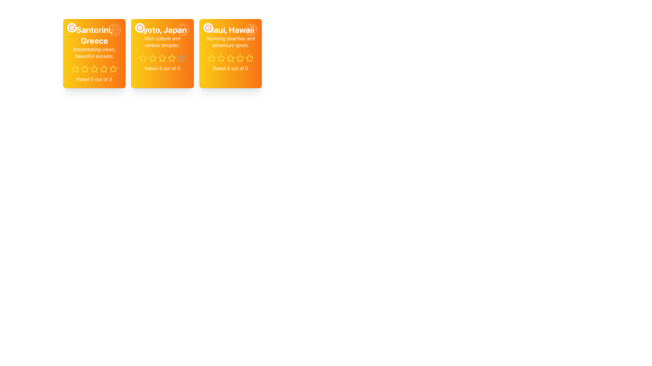 The image size is (652, 366). I want to click on the hollow gray star icon, which is the fifth star in the row of rating stars below the title 'Kyoto, Japan', so click(181, 58).